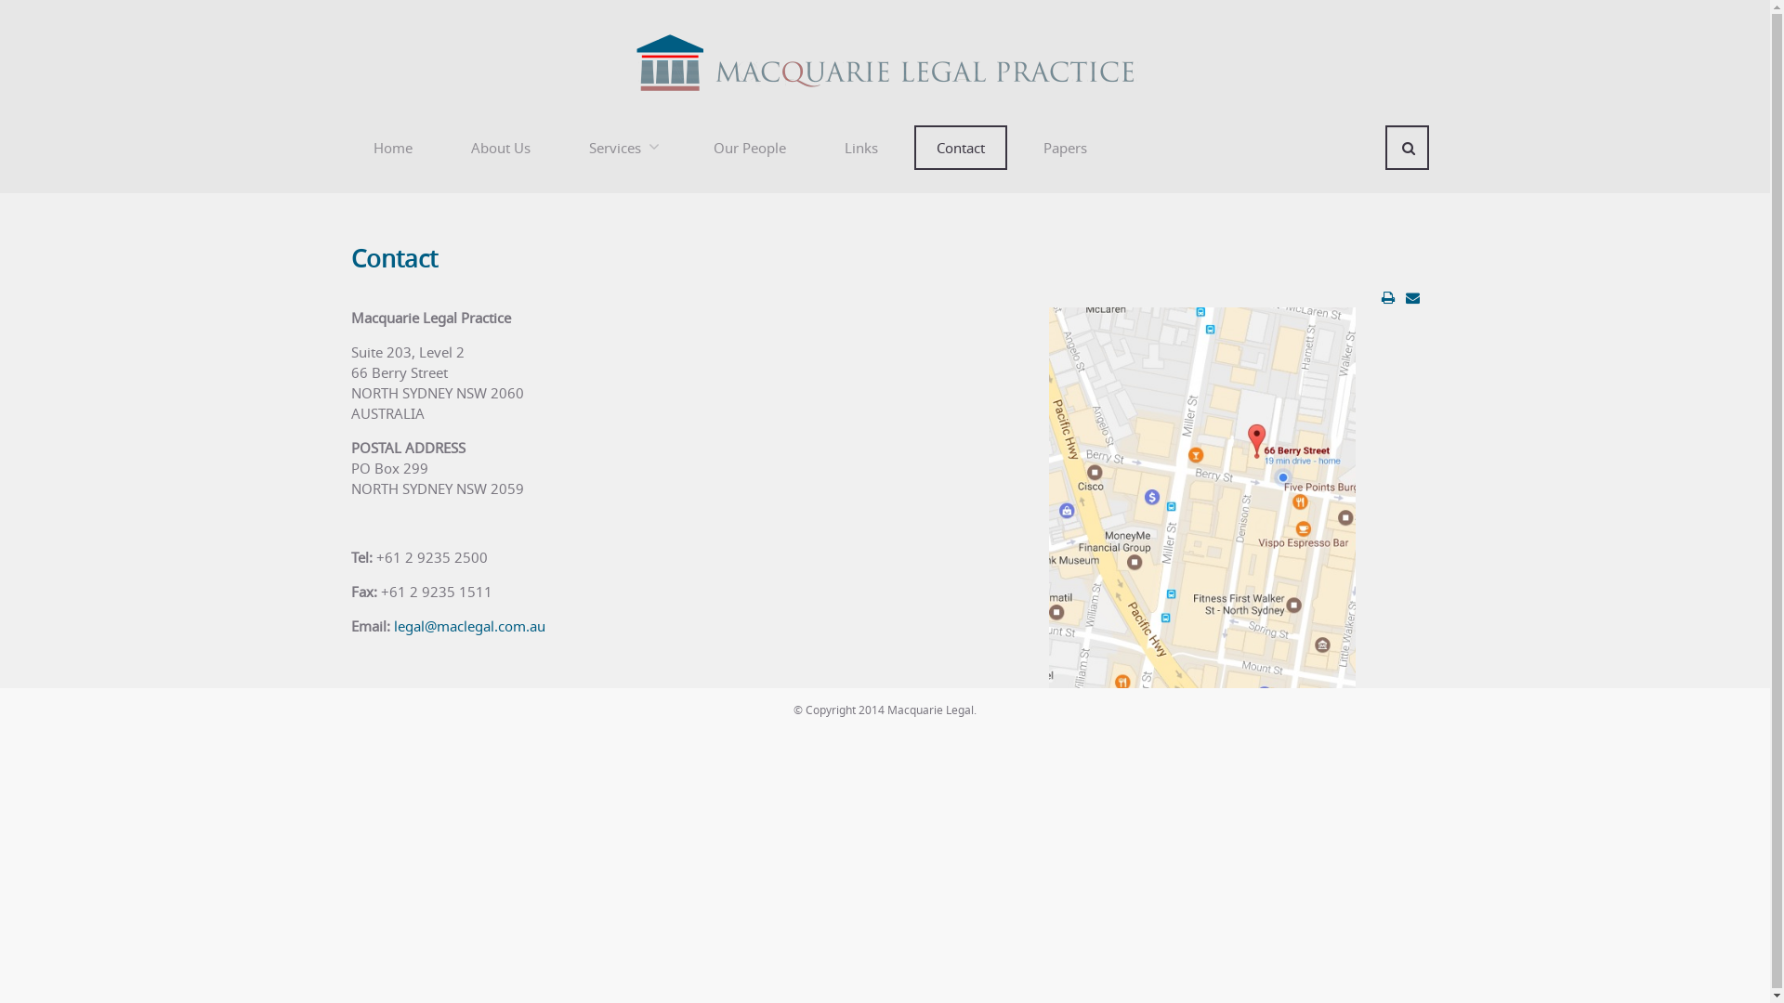 The height and width of the screenshot is (1003, 1784). I want to click on 'legal@maclegal.com.au', so click(469, 626).